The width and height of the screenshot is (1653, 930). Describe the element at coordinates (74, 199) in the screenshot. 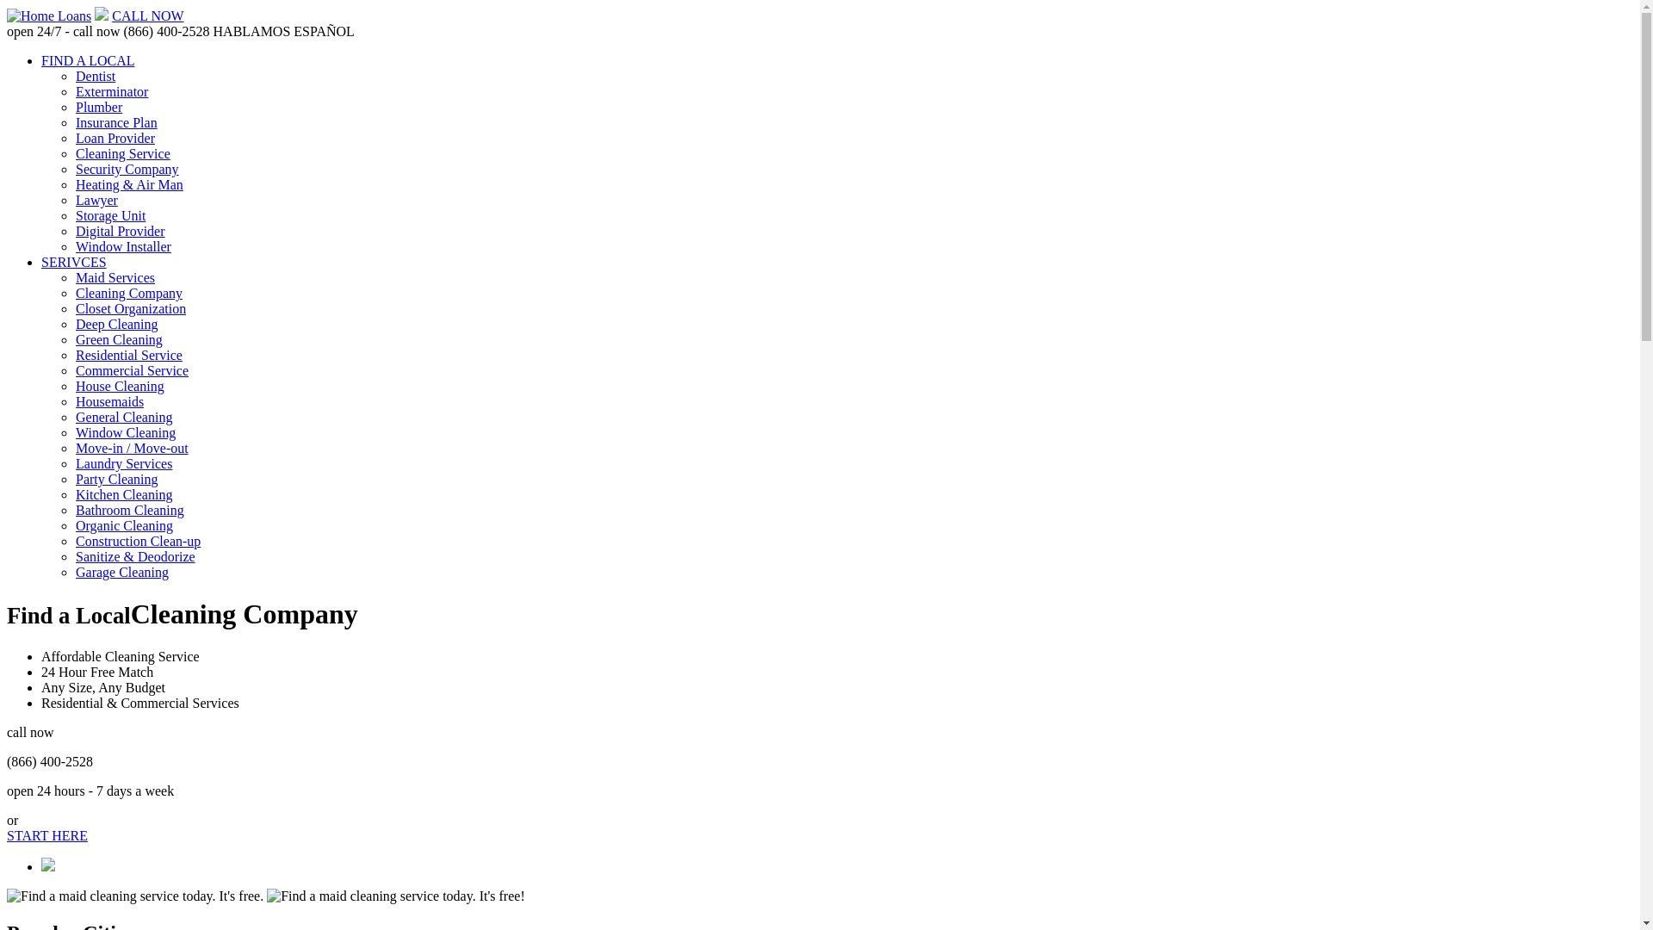

I see `'Lawyer'` at that location.